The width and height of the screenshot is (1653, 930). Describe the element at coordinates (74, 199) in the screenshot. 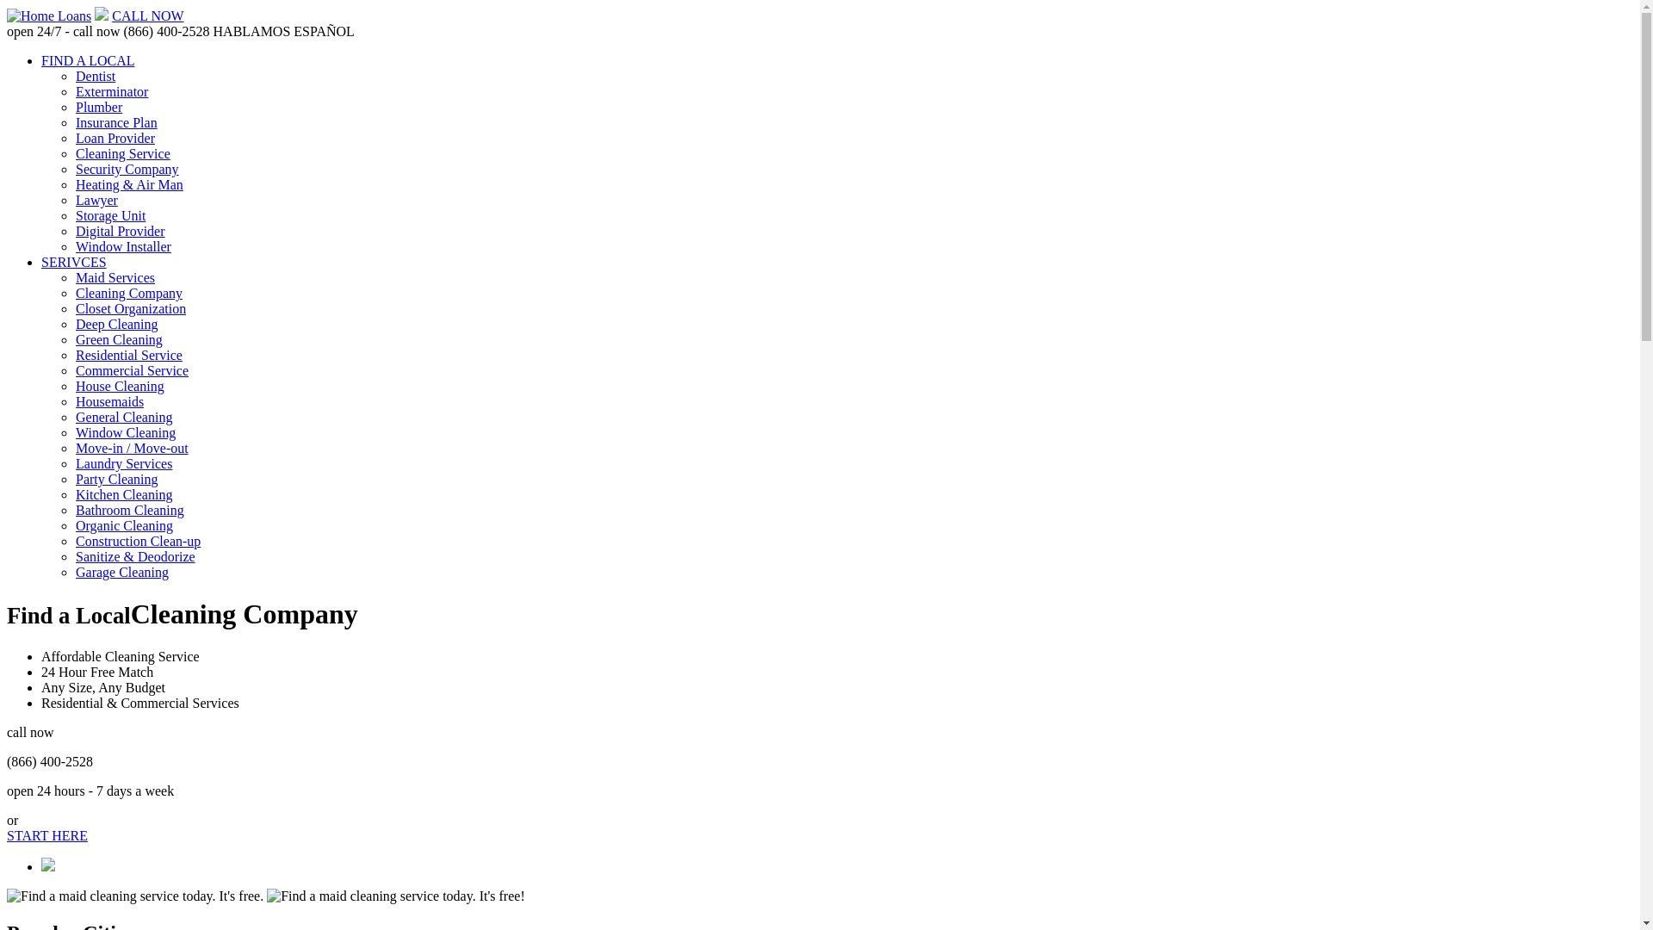

I see `'Lawyer'` at that location.